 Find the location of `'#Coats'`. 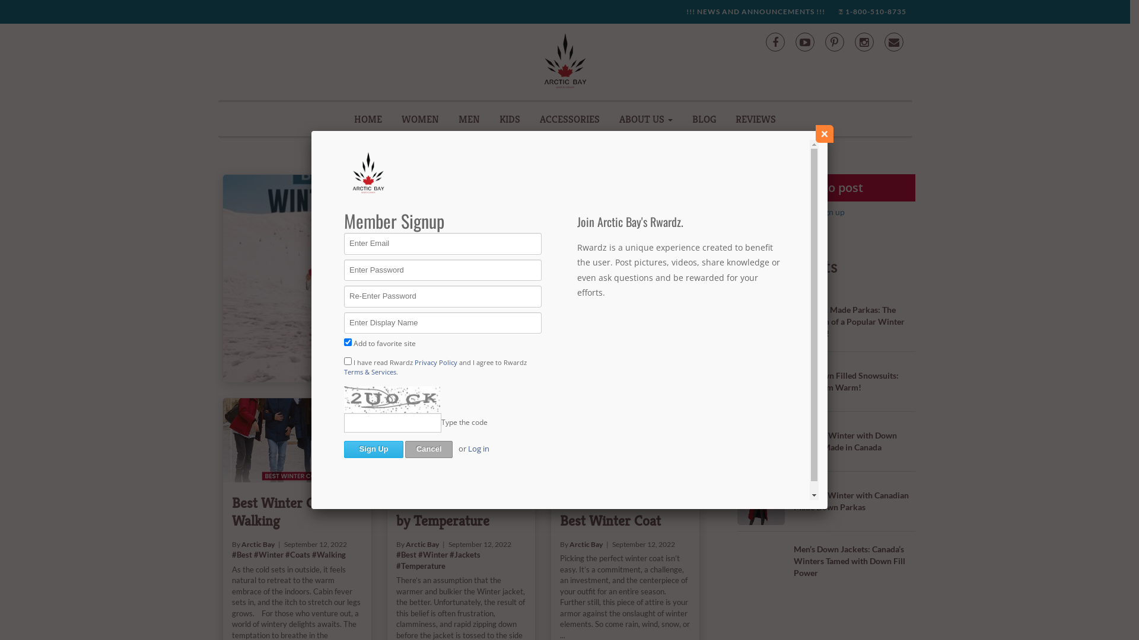

'#Coats' is located at coordinates (298, 555).